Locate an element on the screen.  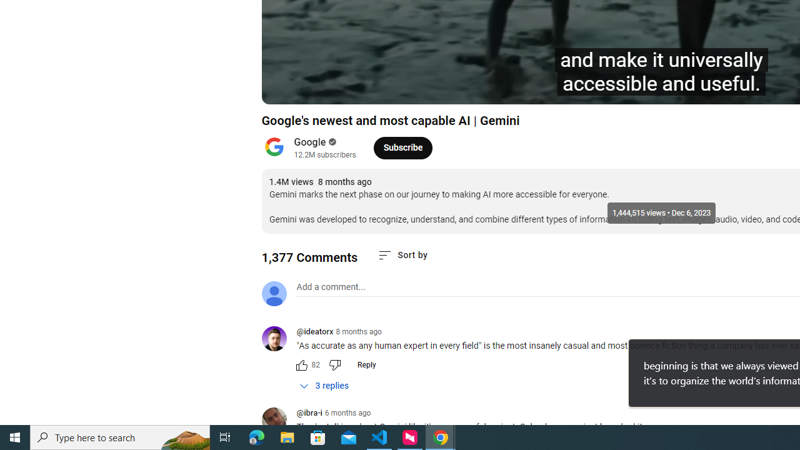
'AutomationID: simplebox-placeholder' is located at coordinates (331, 287).